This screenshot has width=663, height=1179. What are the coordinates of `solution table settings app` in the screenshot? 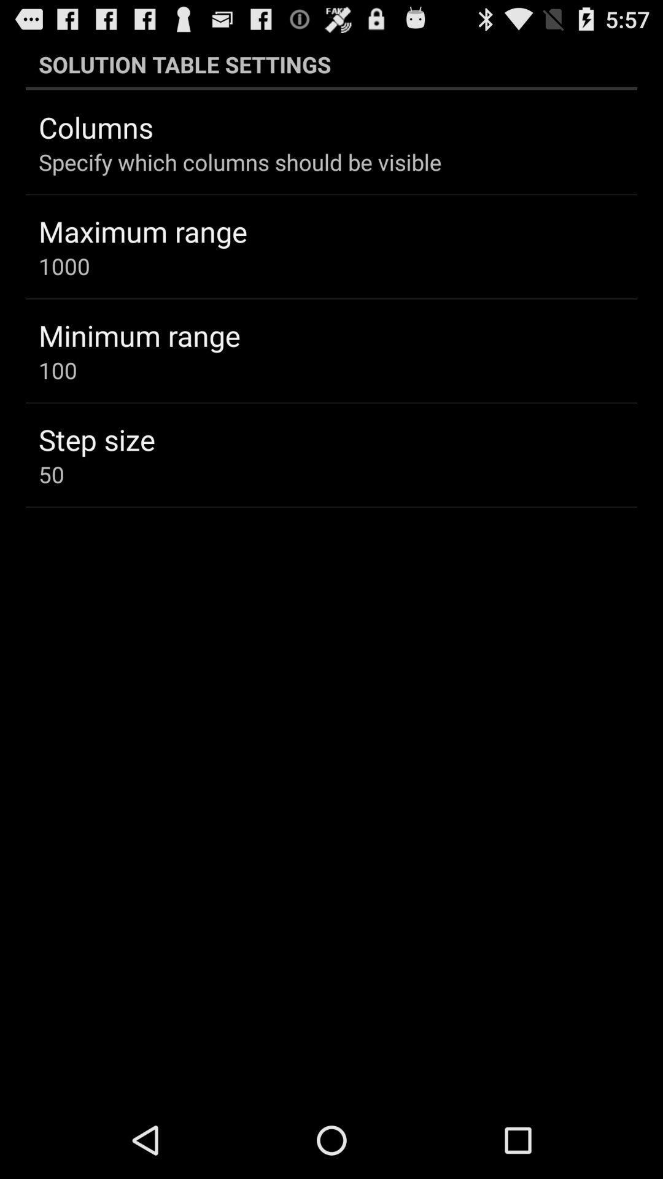 It's located at (331, 64).